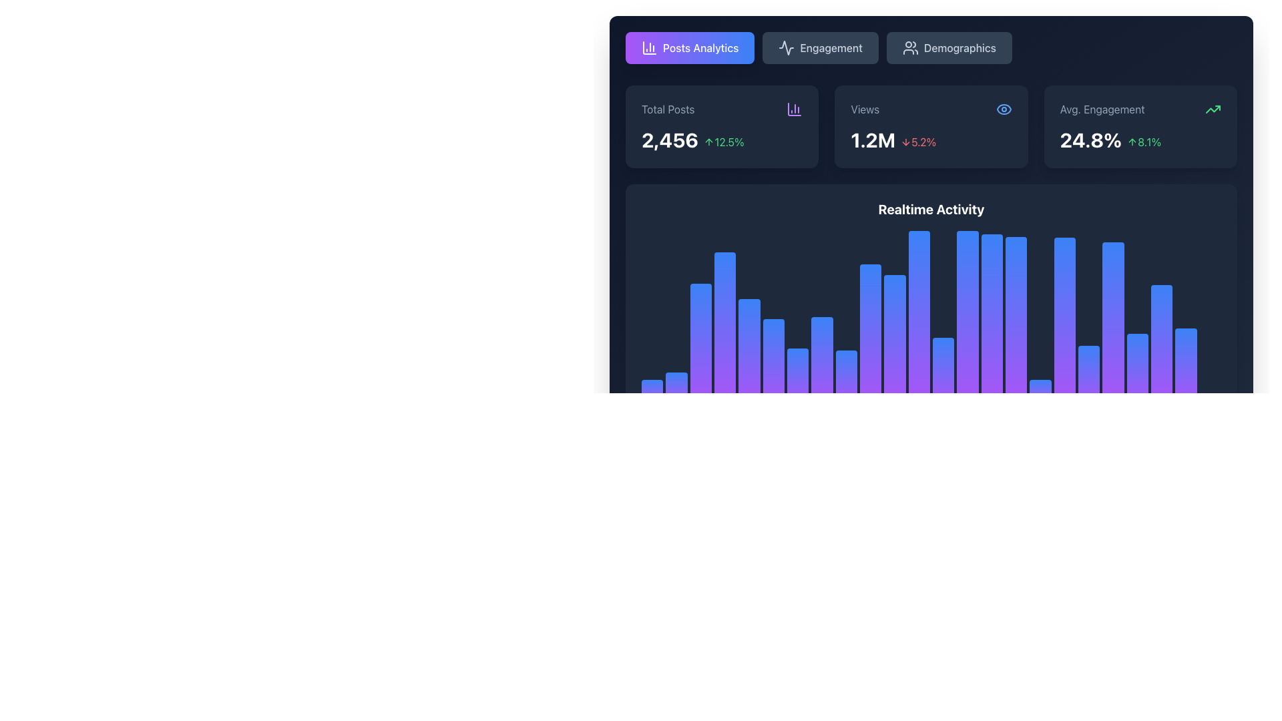 Image resolution: width=1282 pixels, height=721 pixels. I want to click on the seventeenth vertical bar in the bar chart visualization, which has a gradient color scheme from purple to blue and a rounded top, to interact with related data, so click(1040, 358).